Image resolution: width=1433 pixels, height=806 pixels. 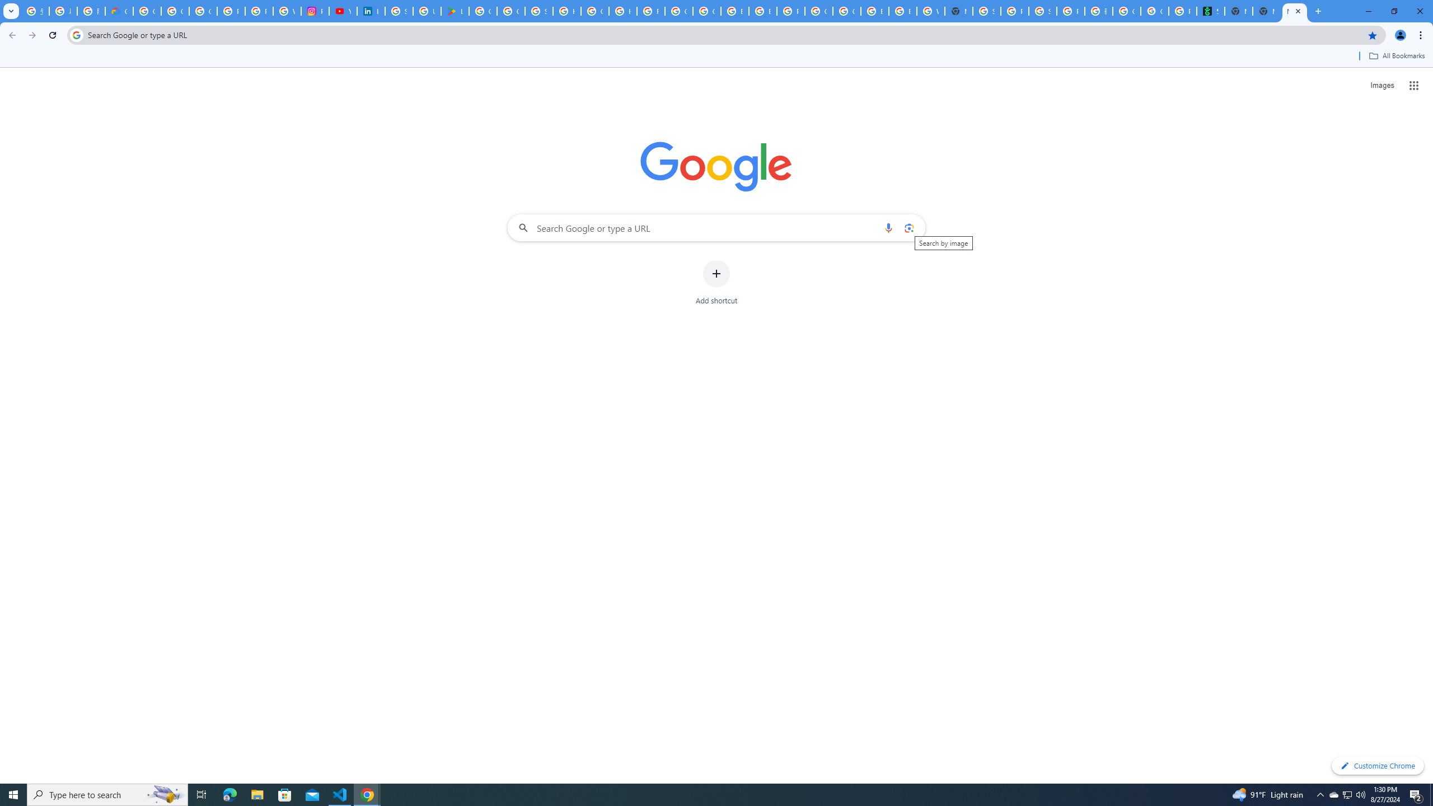 What do you see at coordinates (908, 227) in the screenshot?
I see `'Search by image'` at bounding box center [908, 227].